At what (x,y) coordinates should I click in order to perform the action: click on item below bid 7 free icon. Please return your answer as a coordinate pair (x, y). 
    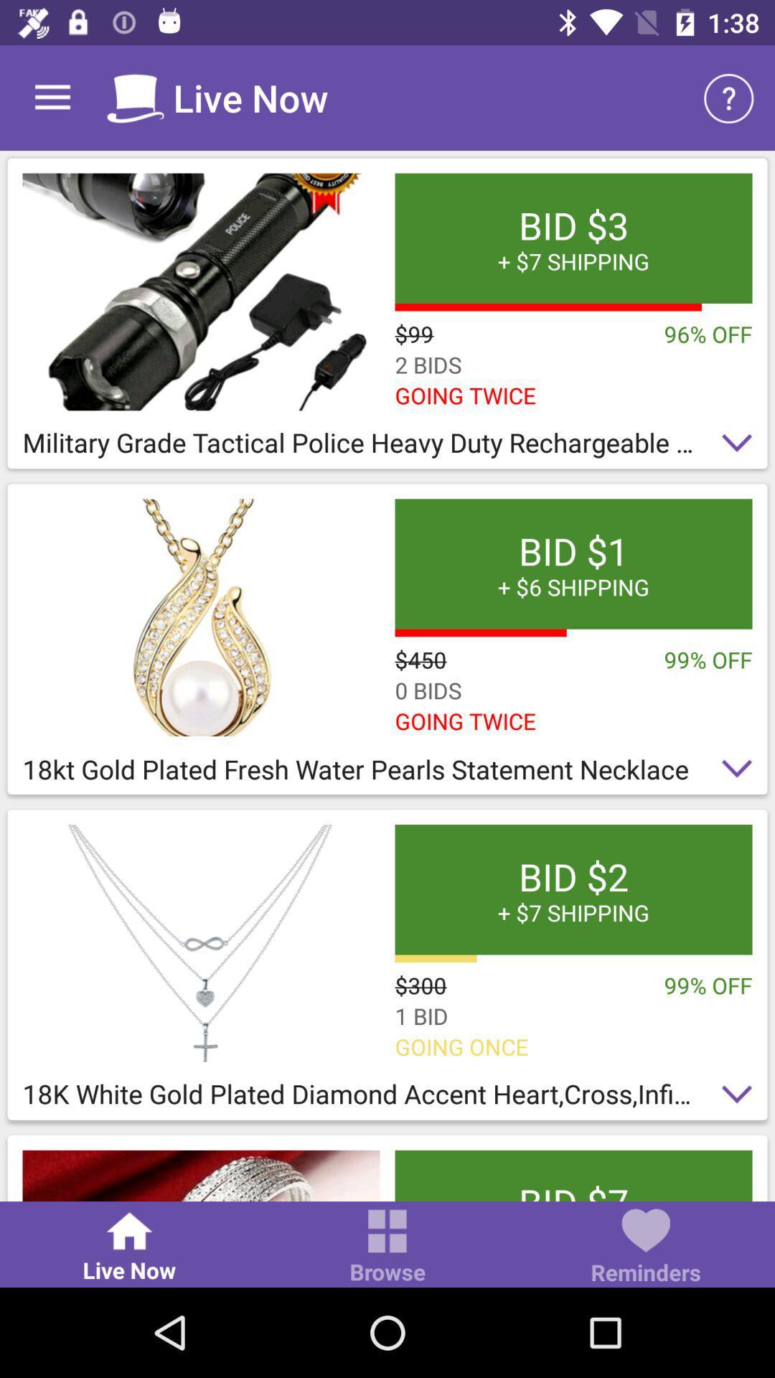
    Looking at the image, I should click on (644, 1247).